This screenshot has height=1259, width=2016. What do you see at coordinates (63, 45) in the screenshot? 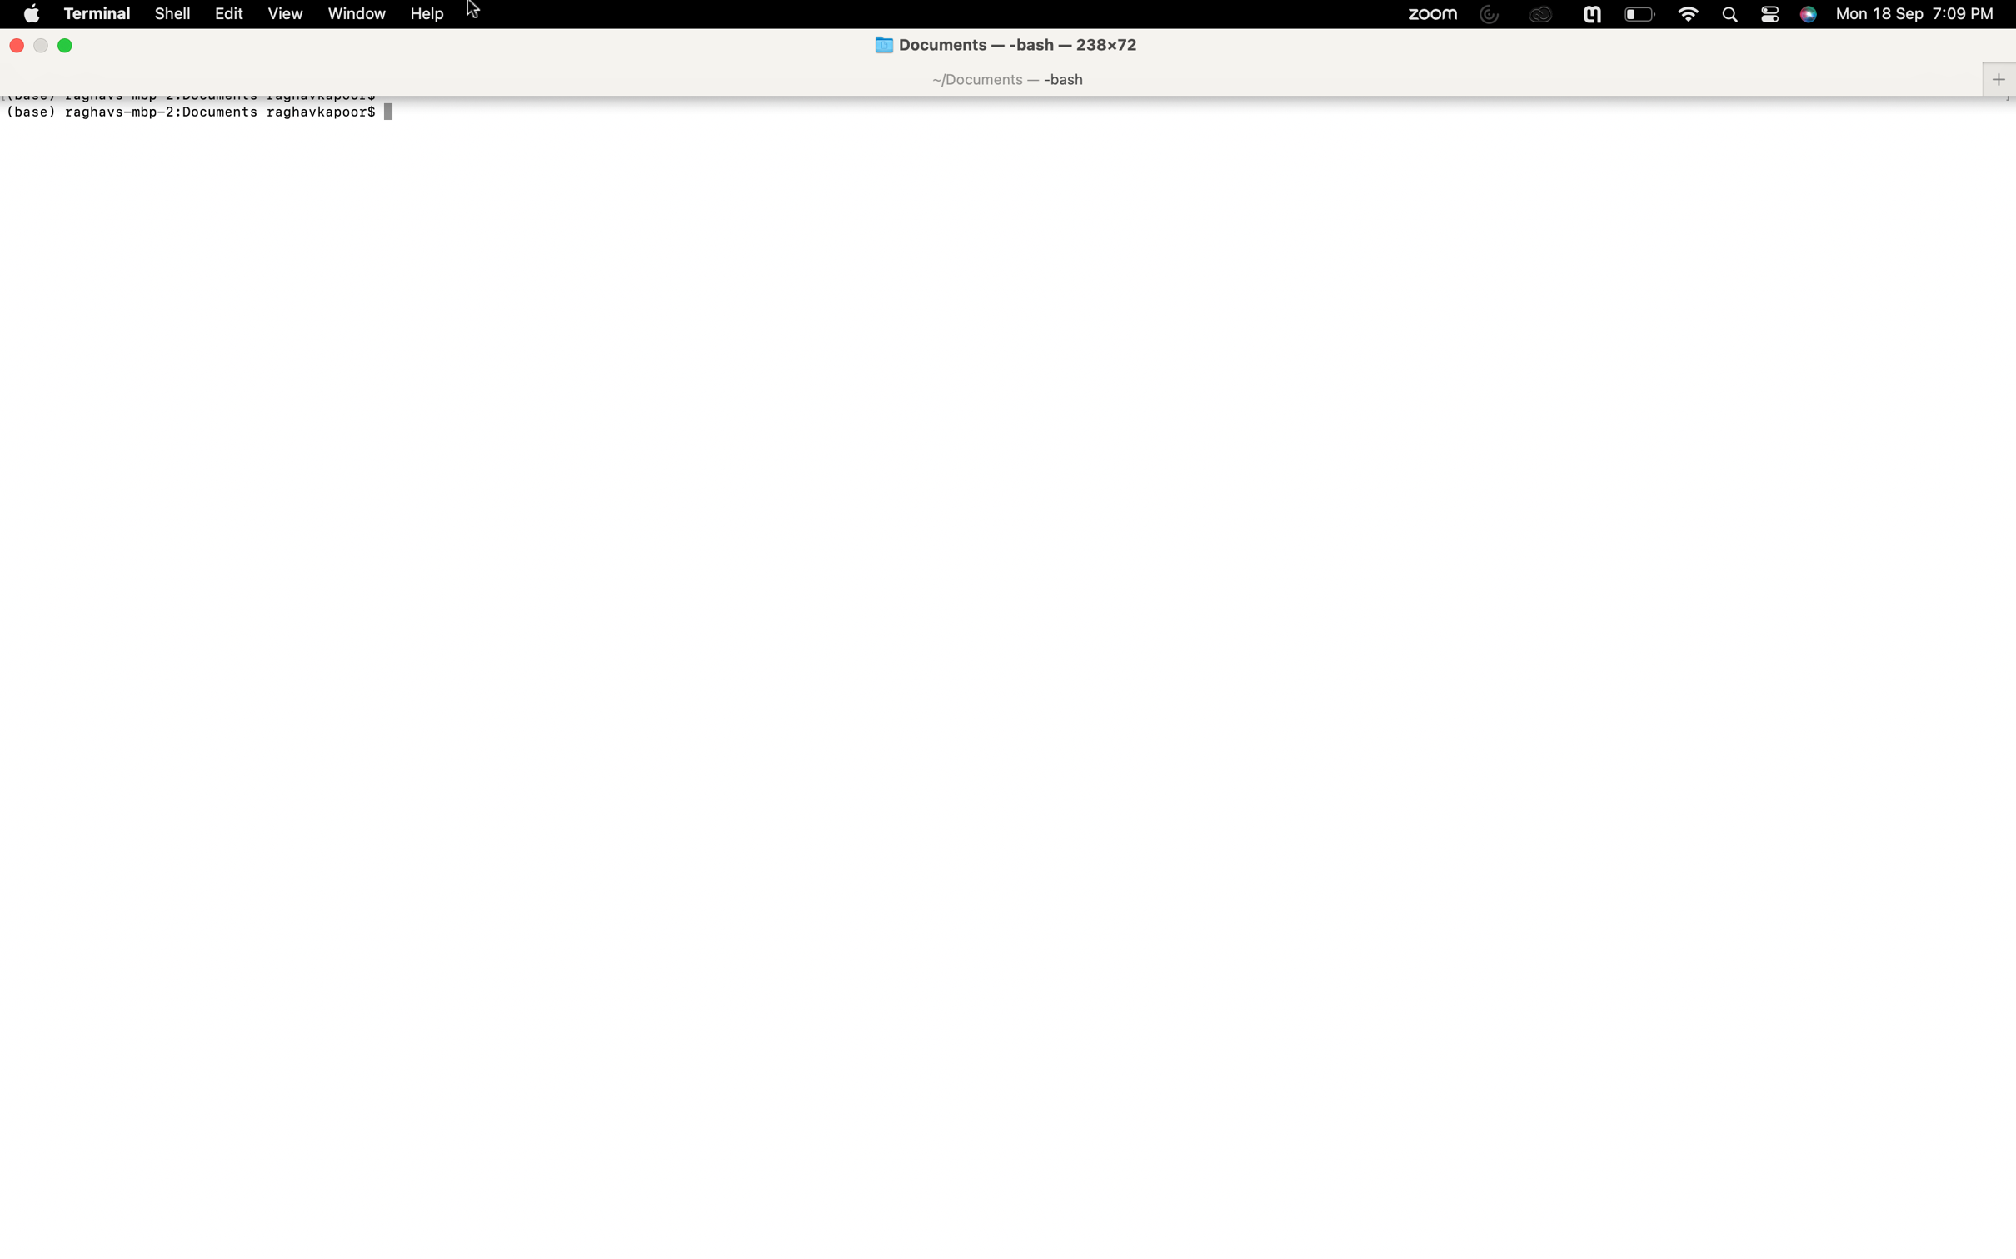
I see `Exit the full screen mode using the green button` at bounding box center [63, 45].